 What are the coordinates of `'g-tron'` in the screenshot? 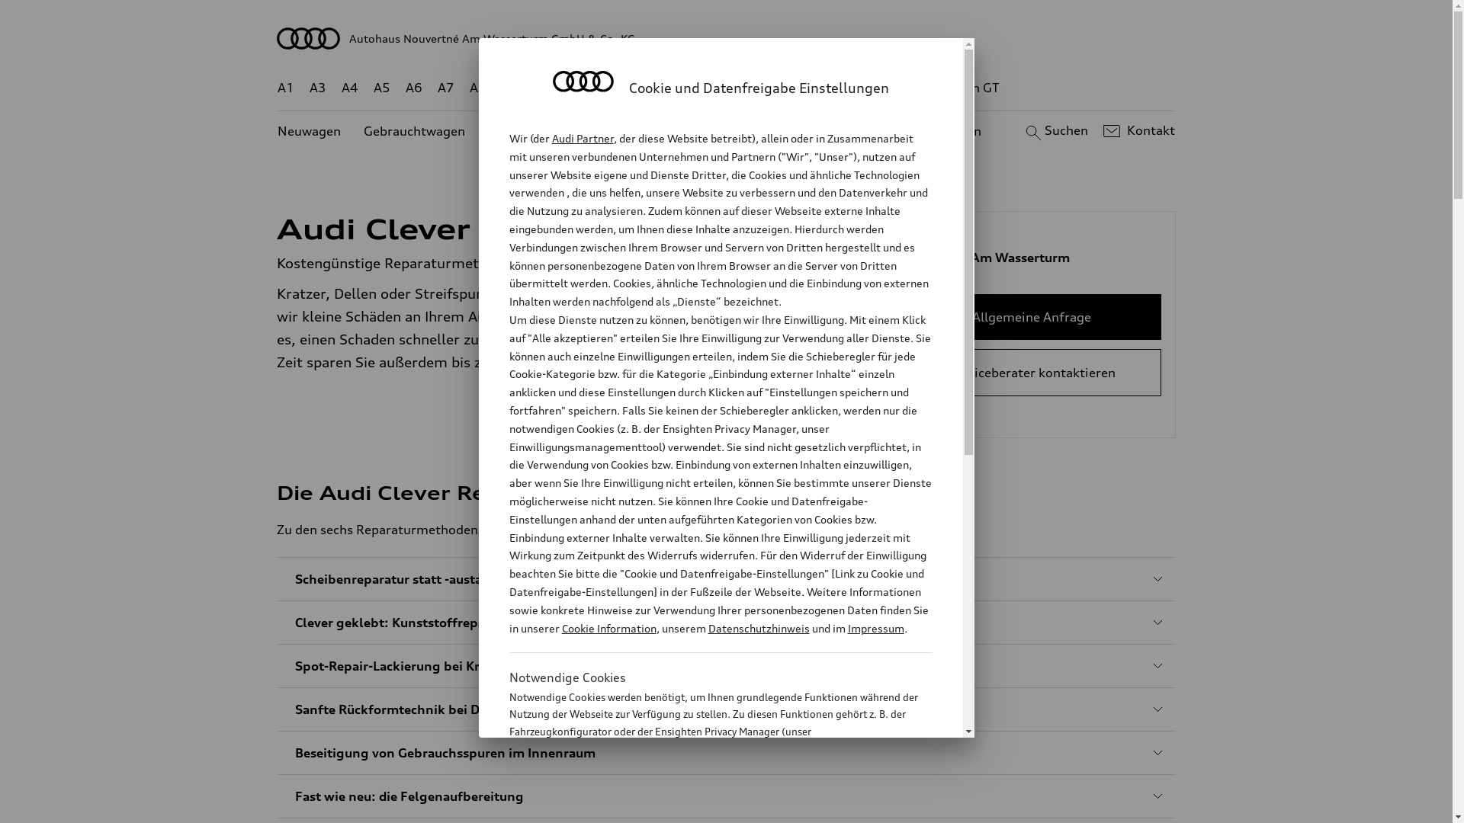 It's located at (907, 88).